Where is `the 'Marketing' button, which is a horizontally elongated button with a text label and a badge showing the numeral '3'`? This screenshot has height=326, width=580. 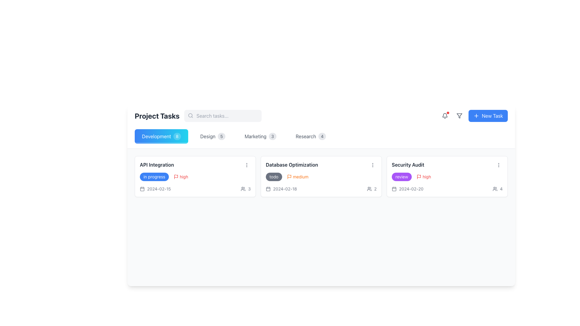
the 'Marketing' button, which is a horizontally elongated button with a text label and a badge showing the numeral '3' is located at coordinates (260, 136).